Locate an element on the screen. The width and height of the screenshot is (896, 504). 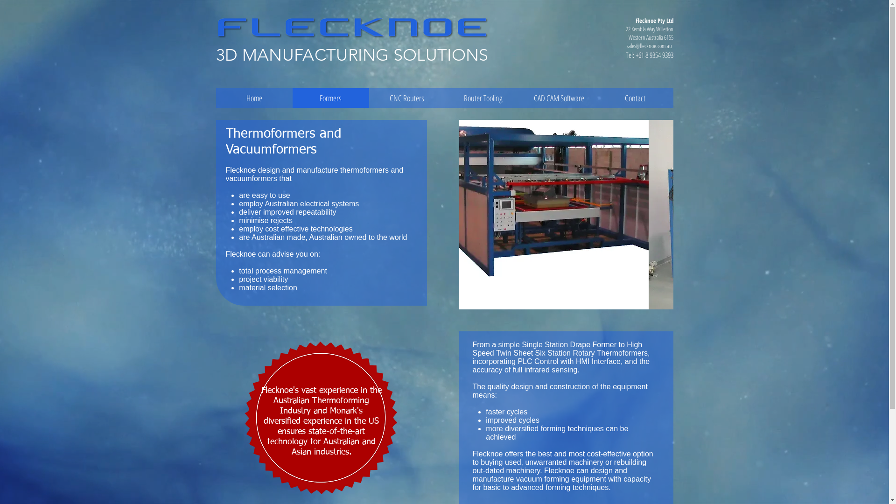
'Contact' is located at coordinates (635, 98).